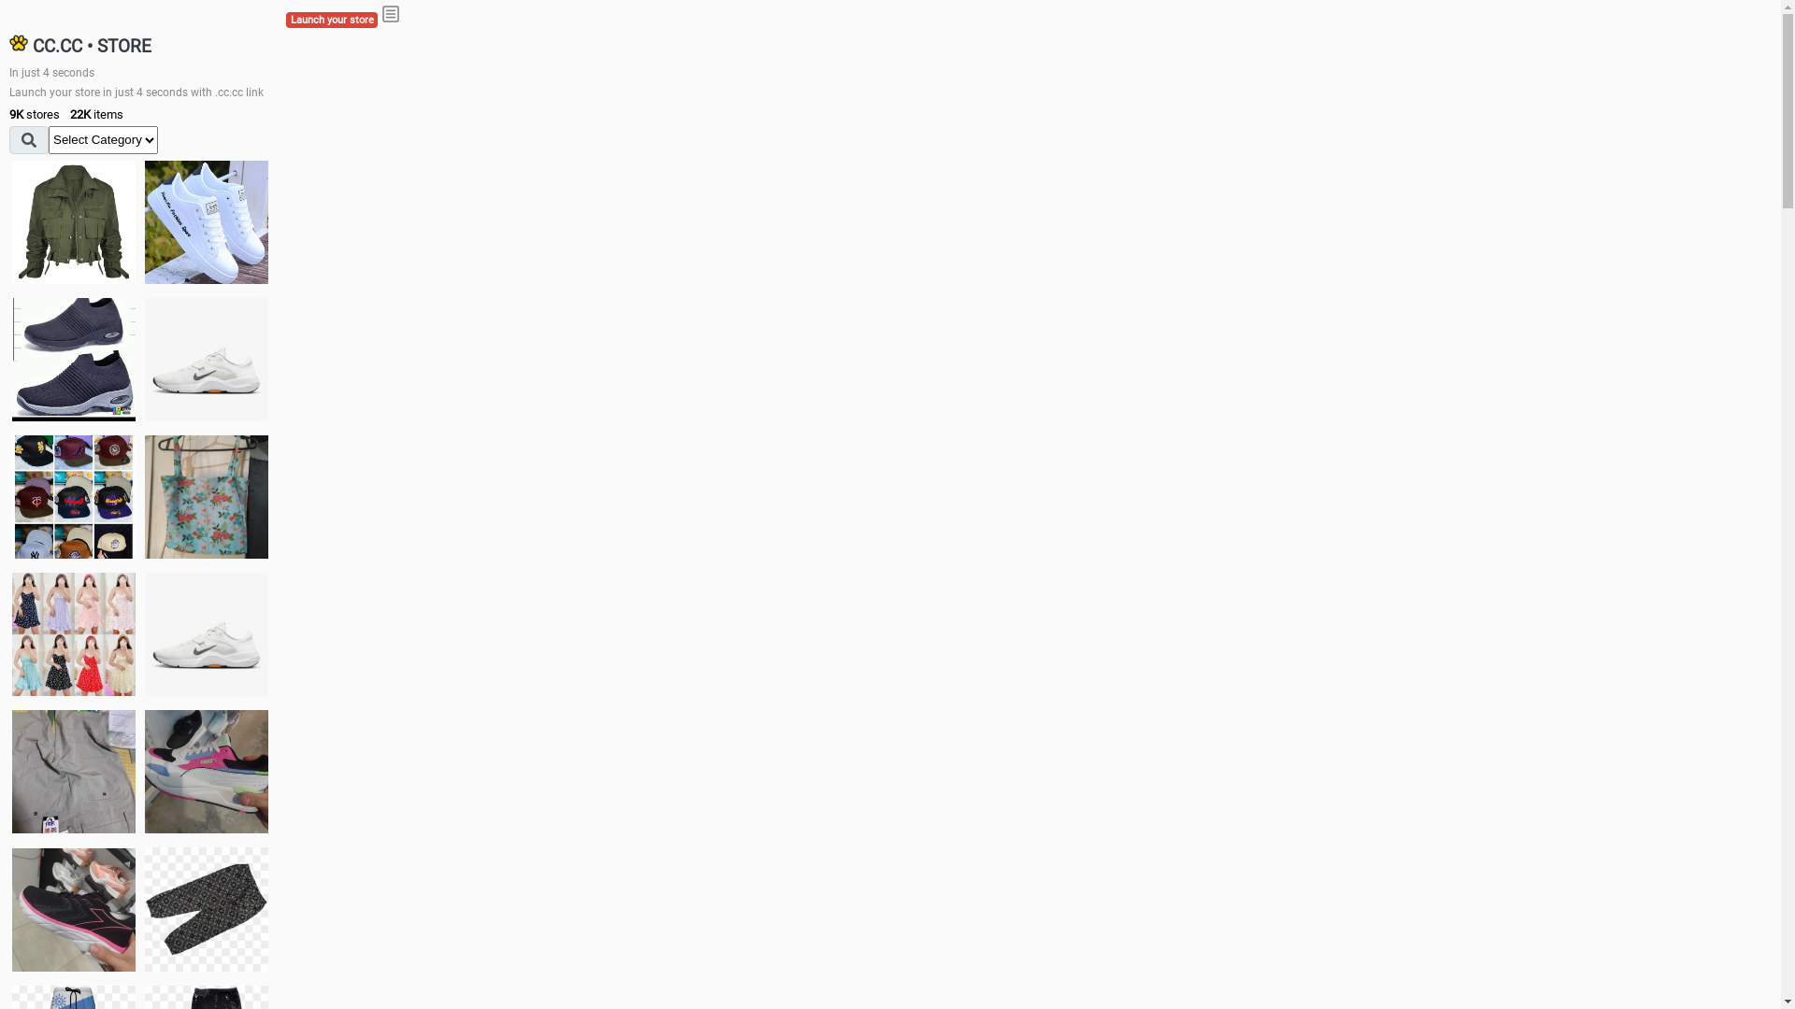 The image size is (1795, 1009). I want to click on 'Shoes', so click(206, 632).